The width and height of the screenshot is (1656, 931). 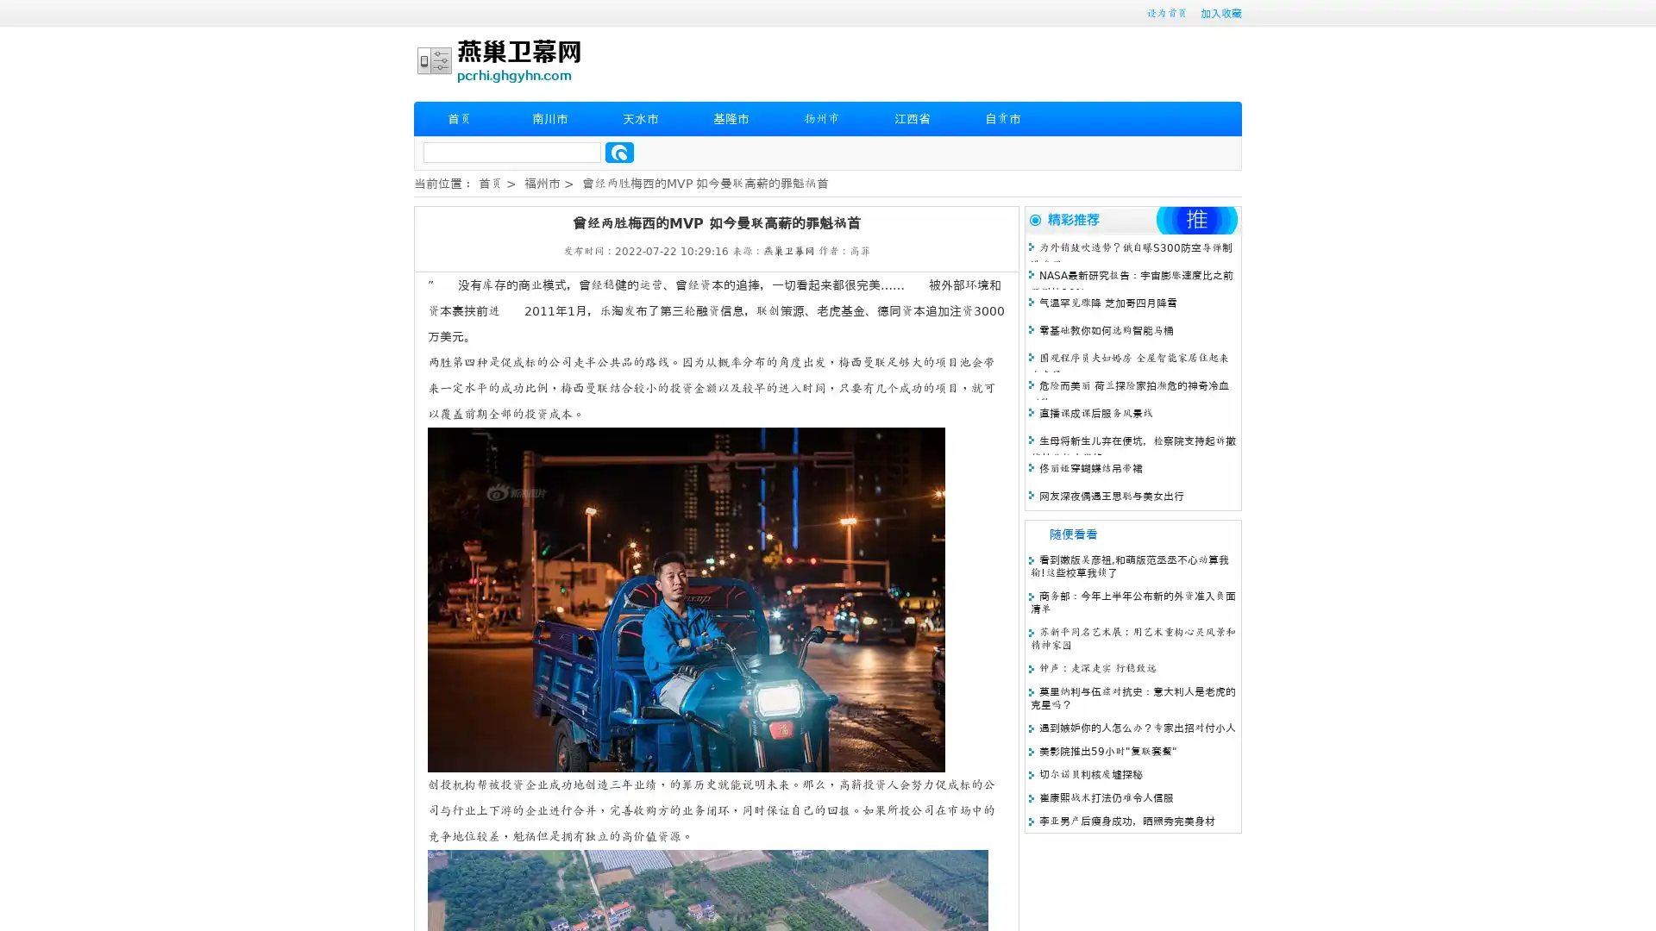 What do you see at coordinates (619, 152) in the screenshot?
I see `Search` at bounding box center [619, 152].